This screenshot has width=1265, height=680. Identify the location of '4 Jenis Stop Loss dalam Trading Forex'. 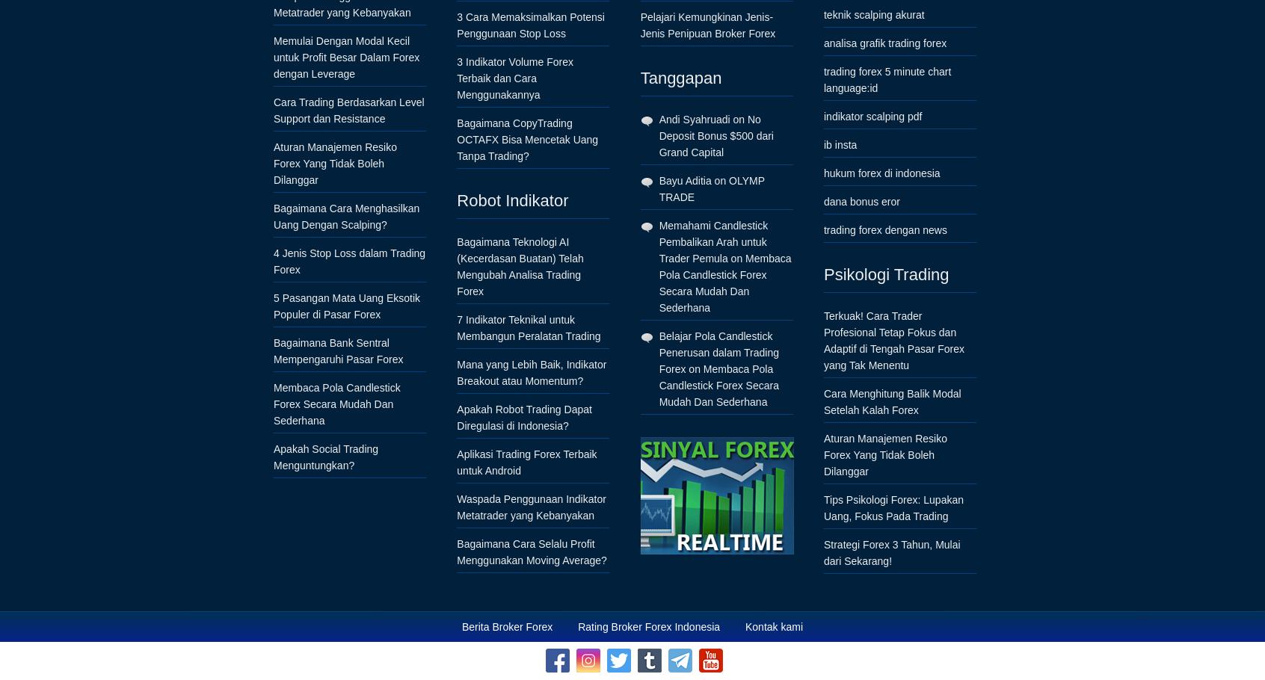
(273, 259).